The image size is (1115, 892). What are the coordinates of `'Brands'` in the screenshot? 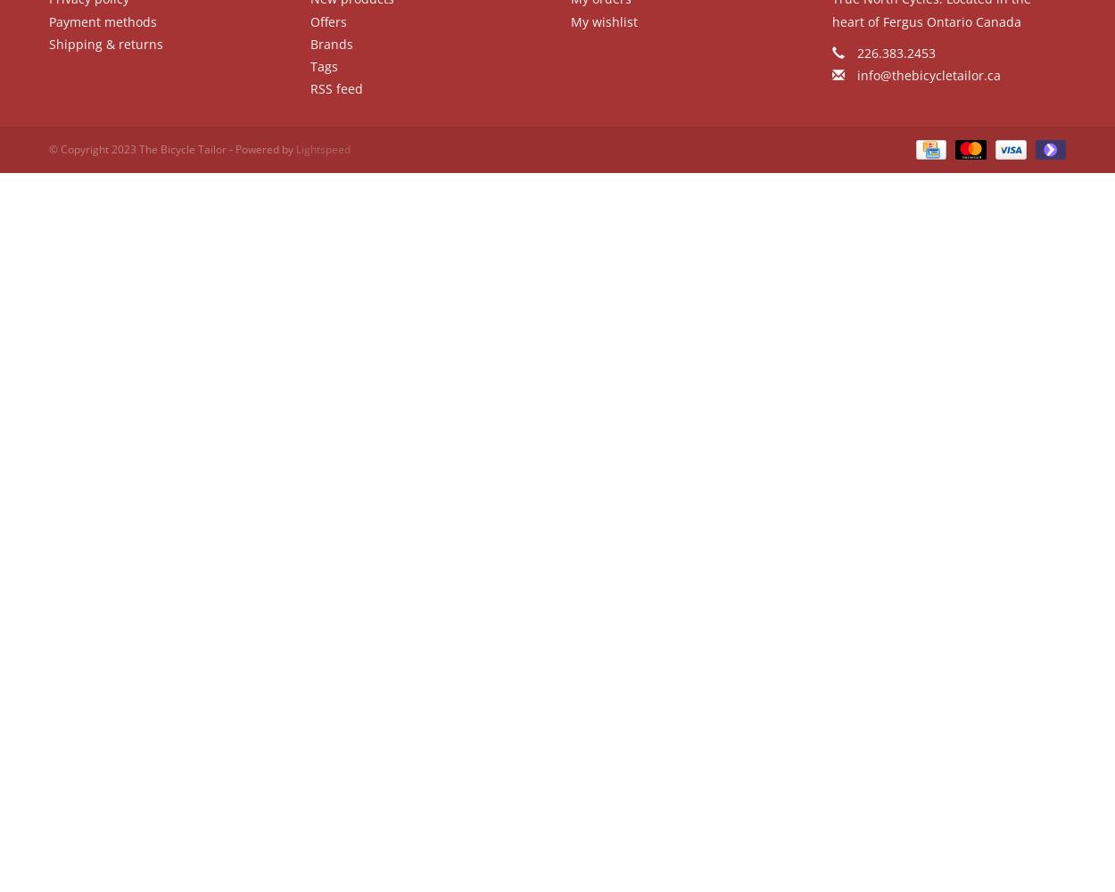 It's located at (330, 43).